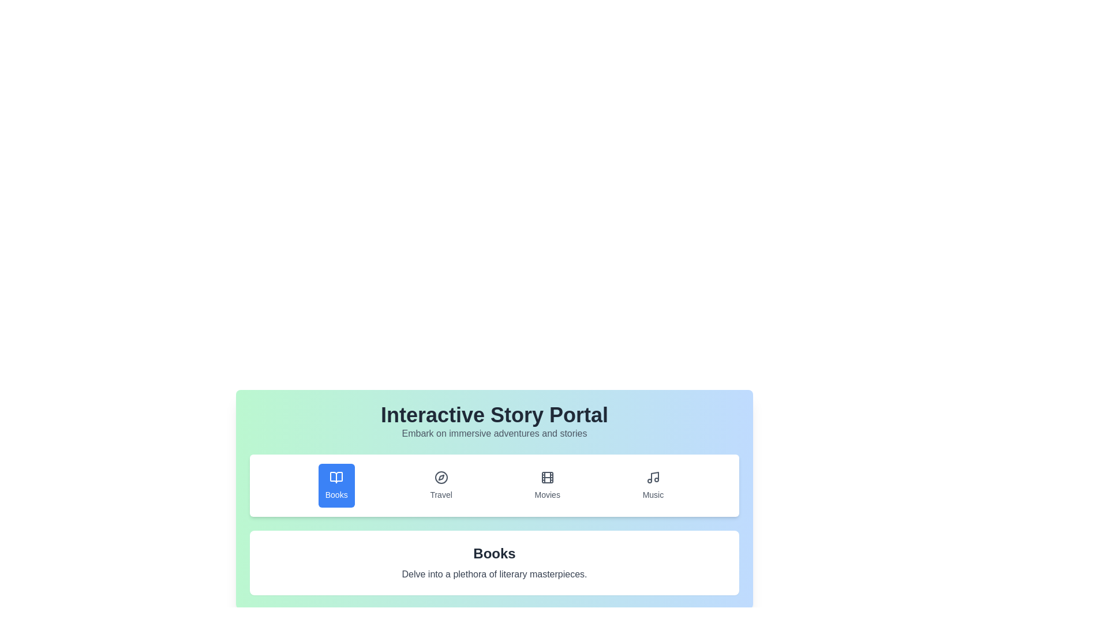 The width and height of the screenshot is (1108, 623). I want to click on the 'Travel' navigation icon, which is the second icon from the left in the middle section of the interface below the header, so click(440, 478).